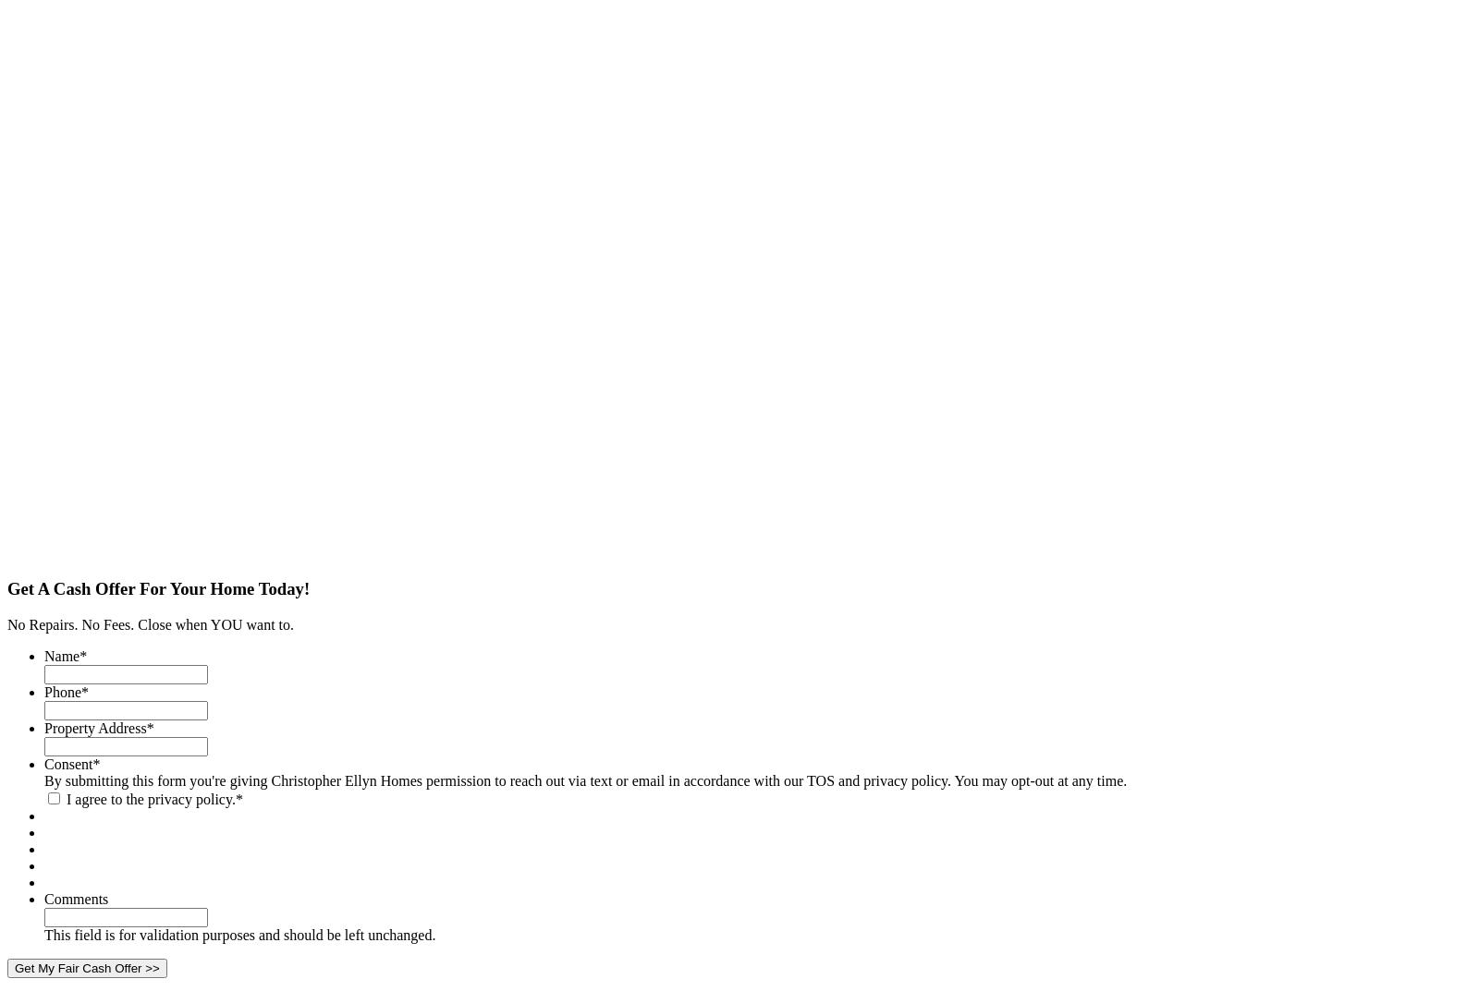 This screenshot has height=991, width=1479. I want to click on 'No Repairs. No Fees. Close when YOU want to.', so click(6, 624).